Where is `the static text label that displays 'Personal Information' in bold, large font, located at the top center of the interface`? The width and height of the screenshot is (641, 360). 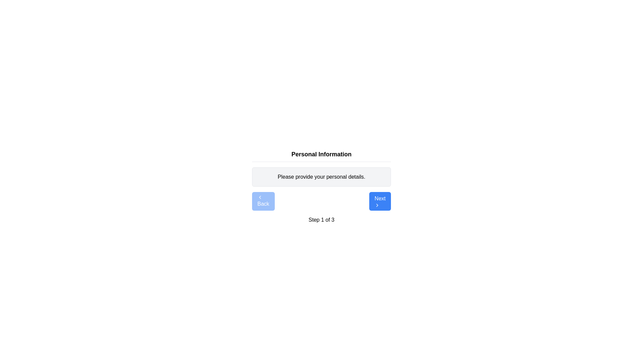
the static text label that displays 'Personal Information' in bold, large font, located at the top center of the interface is located at coordinates (322, 154).